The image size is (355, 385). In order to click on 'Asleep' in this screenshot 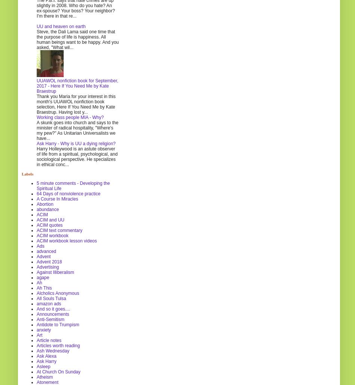, I will do `click(43, 366)`.